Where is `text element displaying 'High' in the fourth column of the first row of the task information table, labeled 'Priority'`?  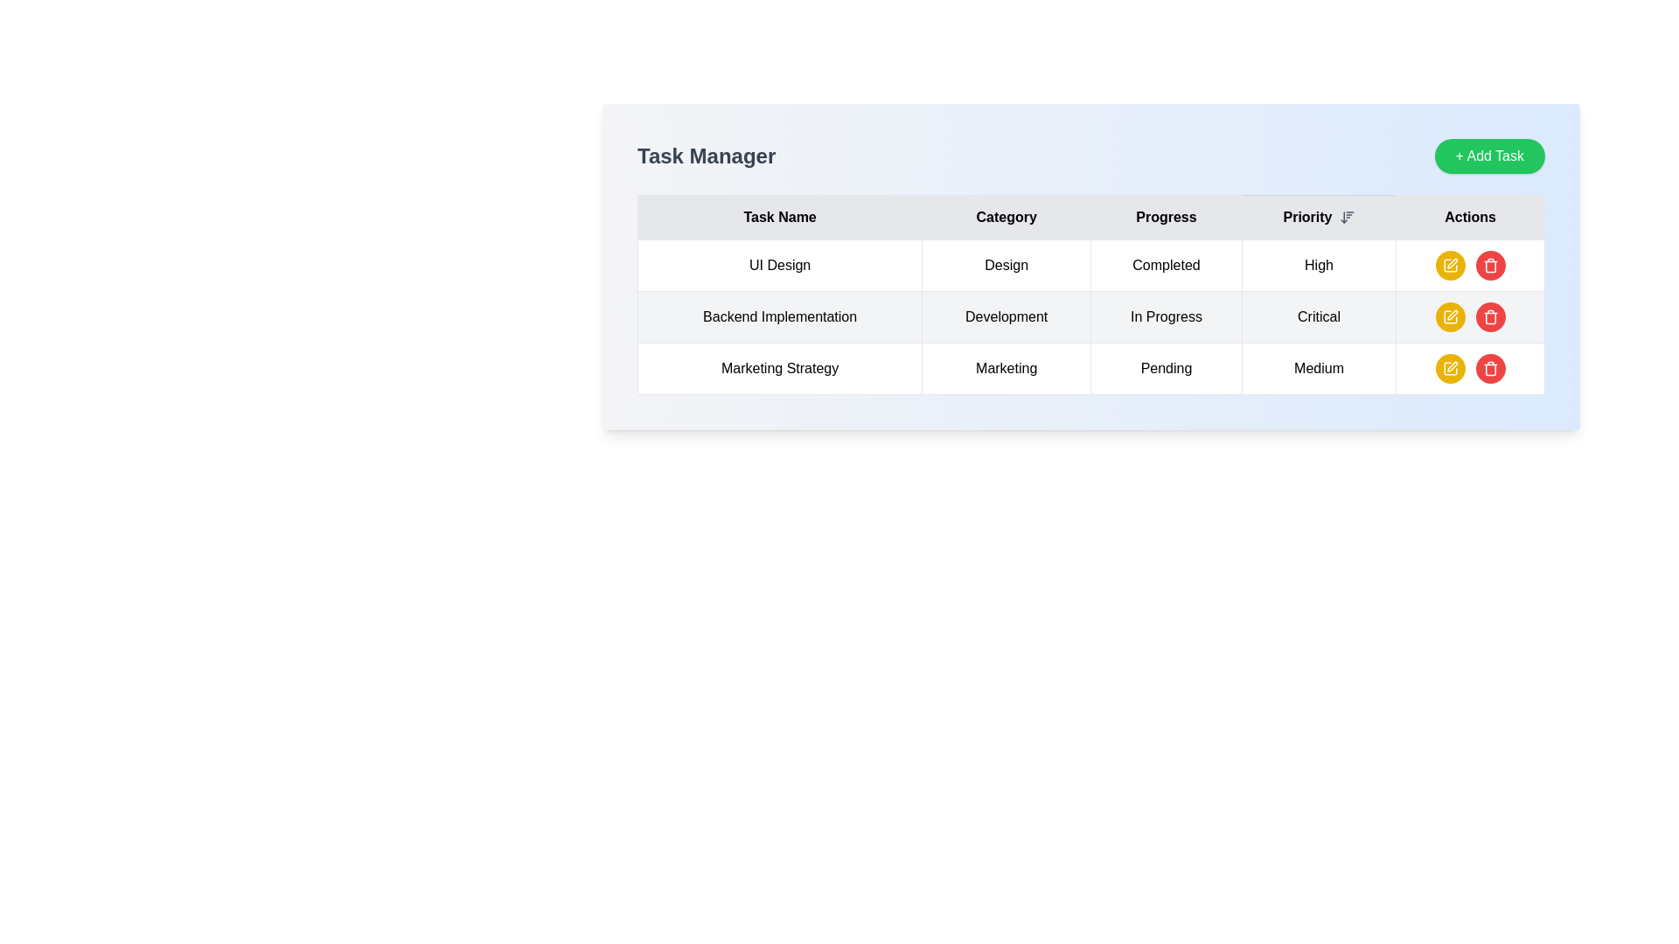 text element displaying 'High' in the fourth column of the first row of the task information table, labeled 'Priority' is located at coordinates (1319, 266).